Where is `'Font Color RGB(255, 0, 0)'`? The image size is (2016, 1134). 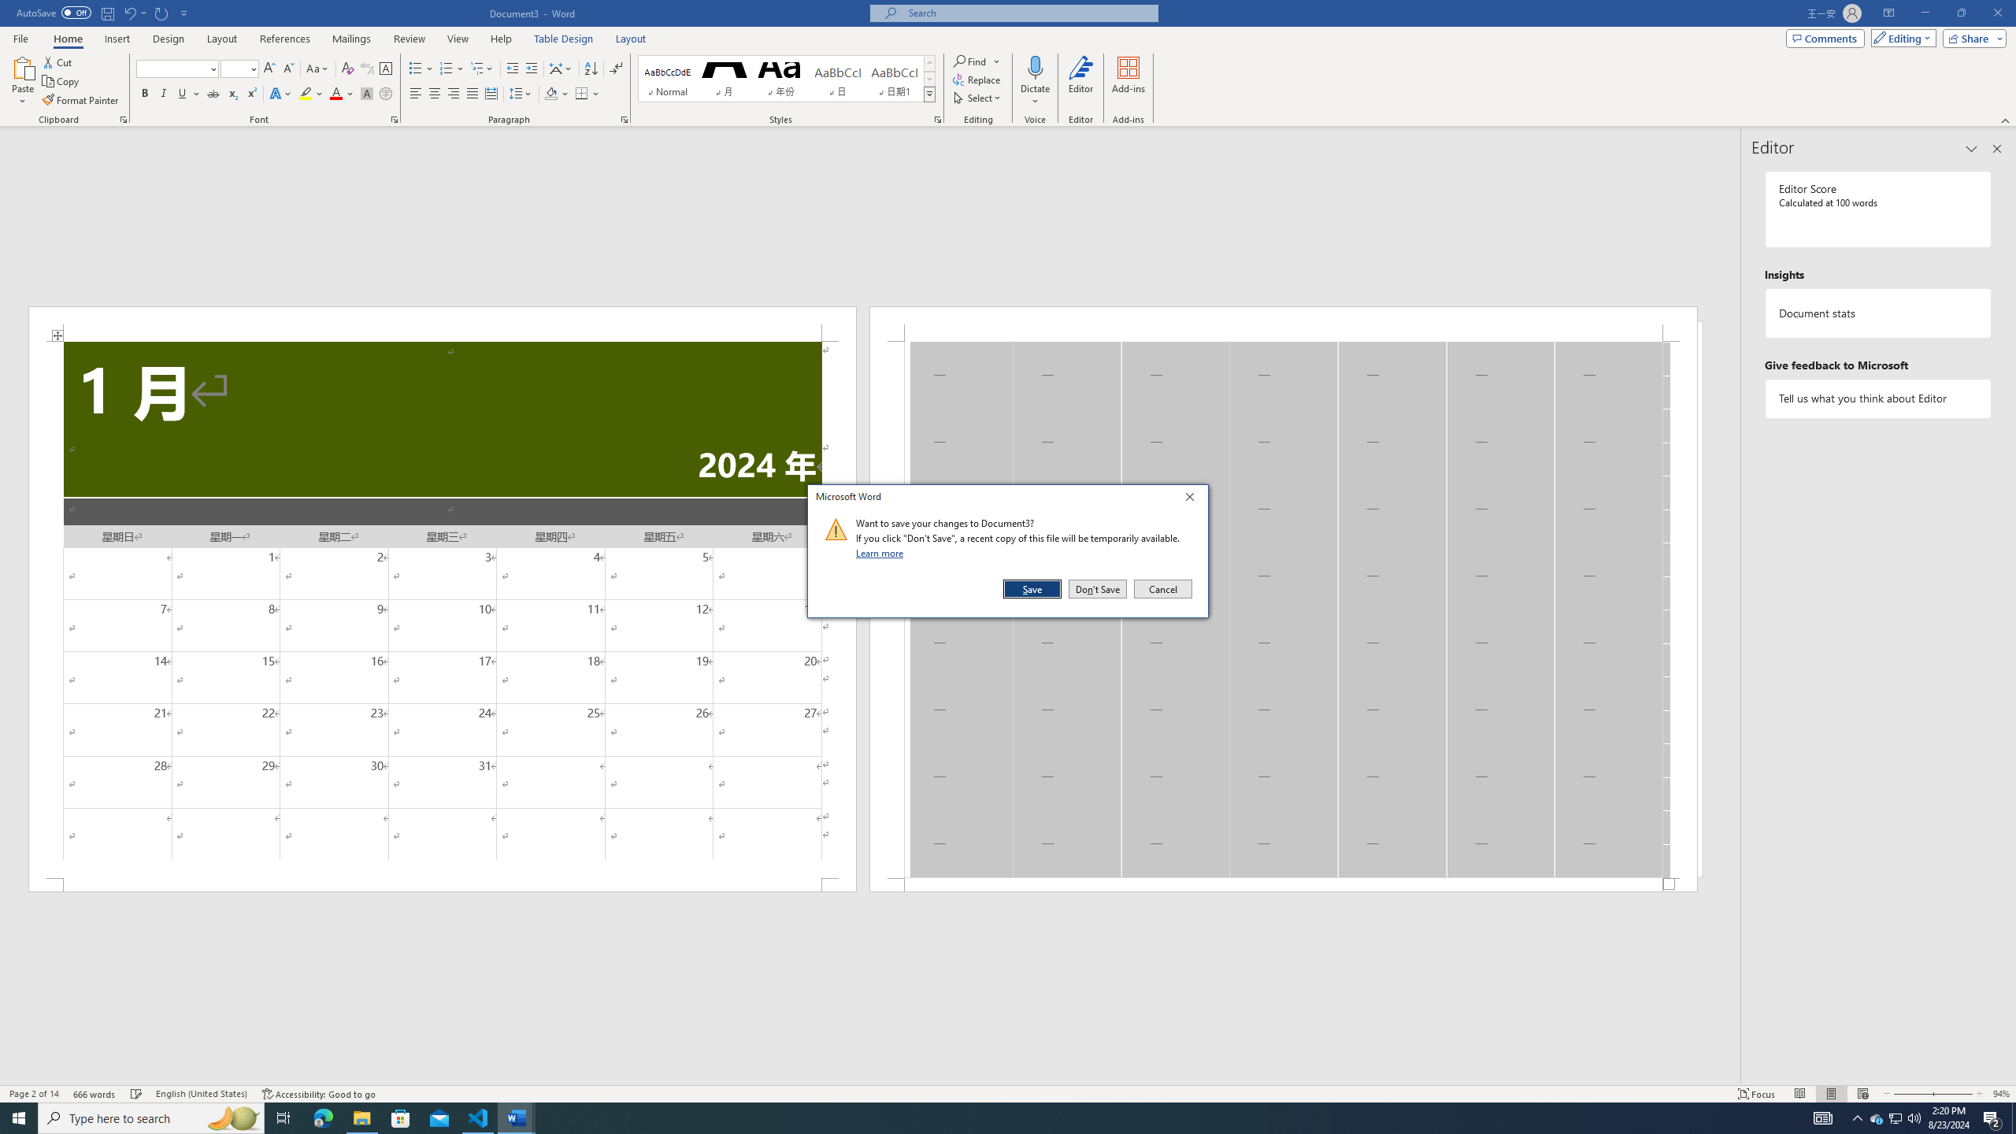 'Font Color RGB(255, 0, 0)' is located at coordinates (335, 93).